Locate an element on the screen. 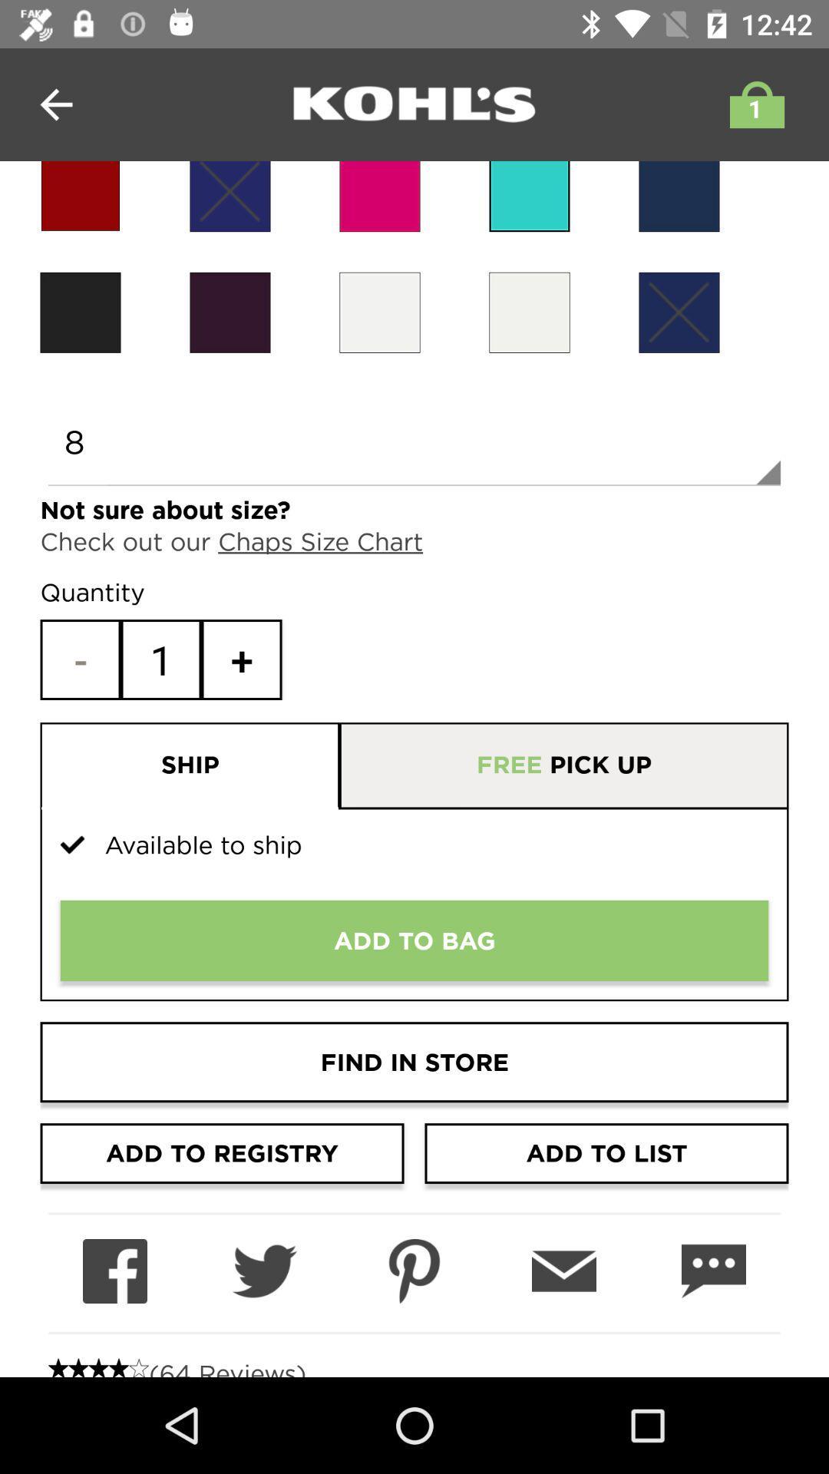 The image size is (829, 1474). go back is located at coordinates (55, 104).